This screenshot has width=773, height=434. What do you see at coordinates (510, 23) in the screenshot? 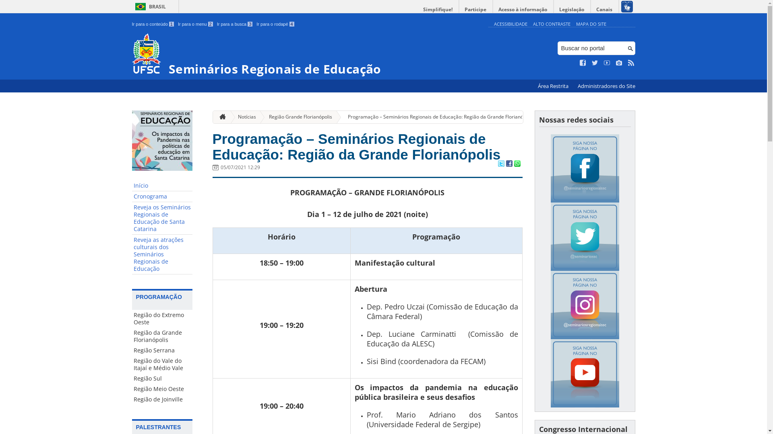
I see `'ACESSIBILIDADE'` at bounding box center [510, 23].